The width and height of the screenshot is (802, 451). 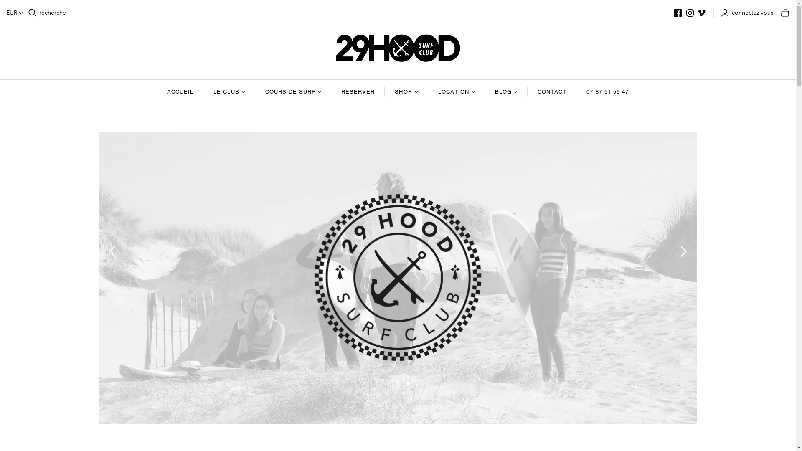 What do you see at coordinates (607, 91) in the screenshot?
I see `'07 87 51 56 47'` at bounding box center [607, 91].